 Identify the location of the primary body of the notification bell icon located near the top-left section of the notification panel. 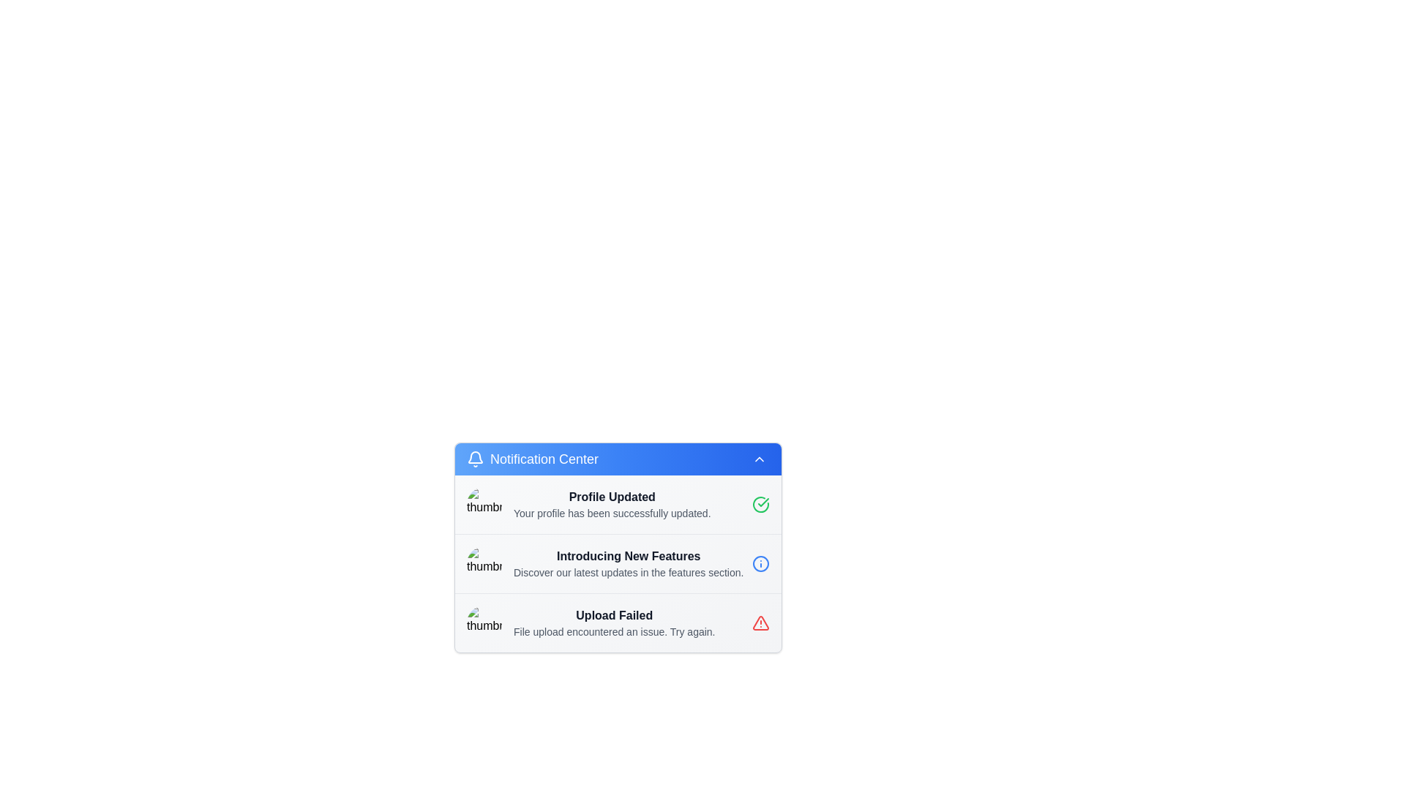
(475, 456).